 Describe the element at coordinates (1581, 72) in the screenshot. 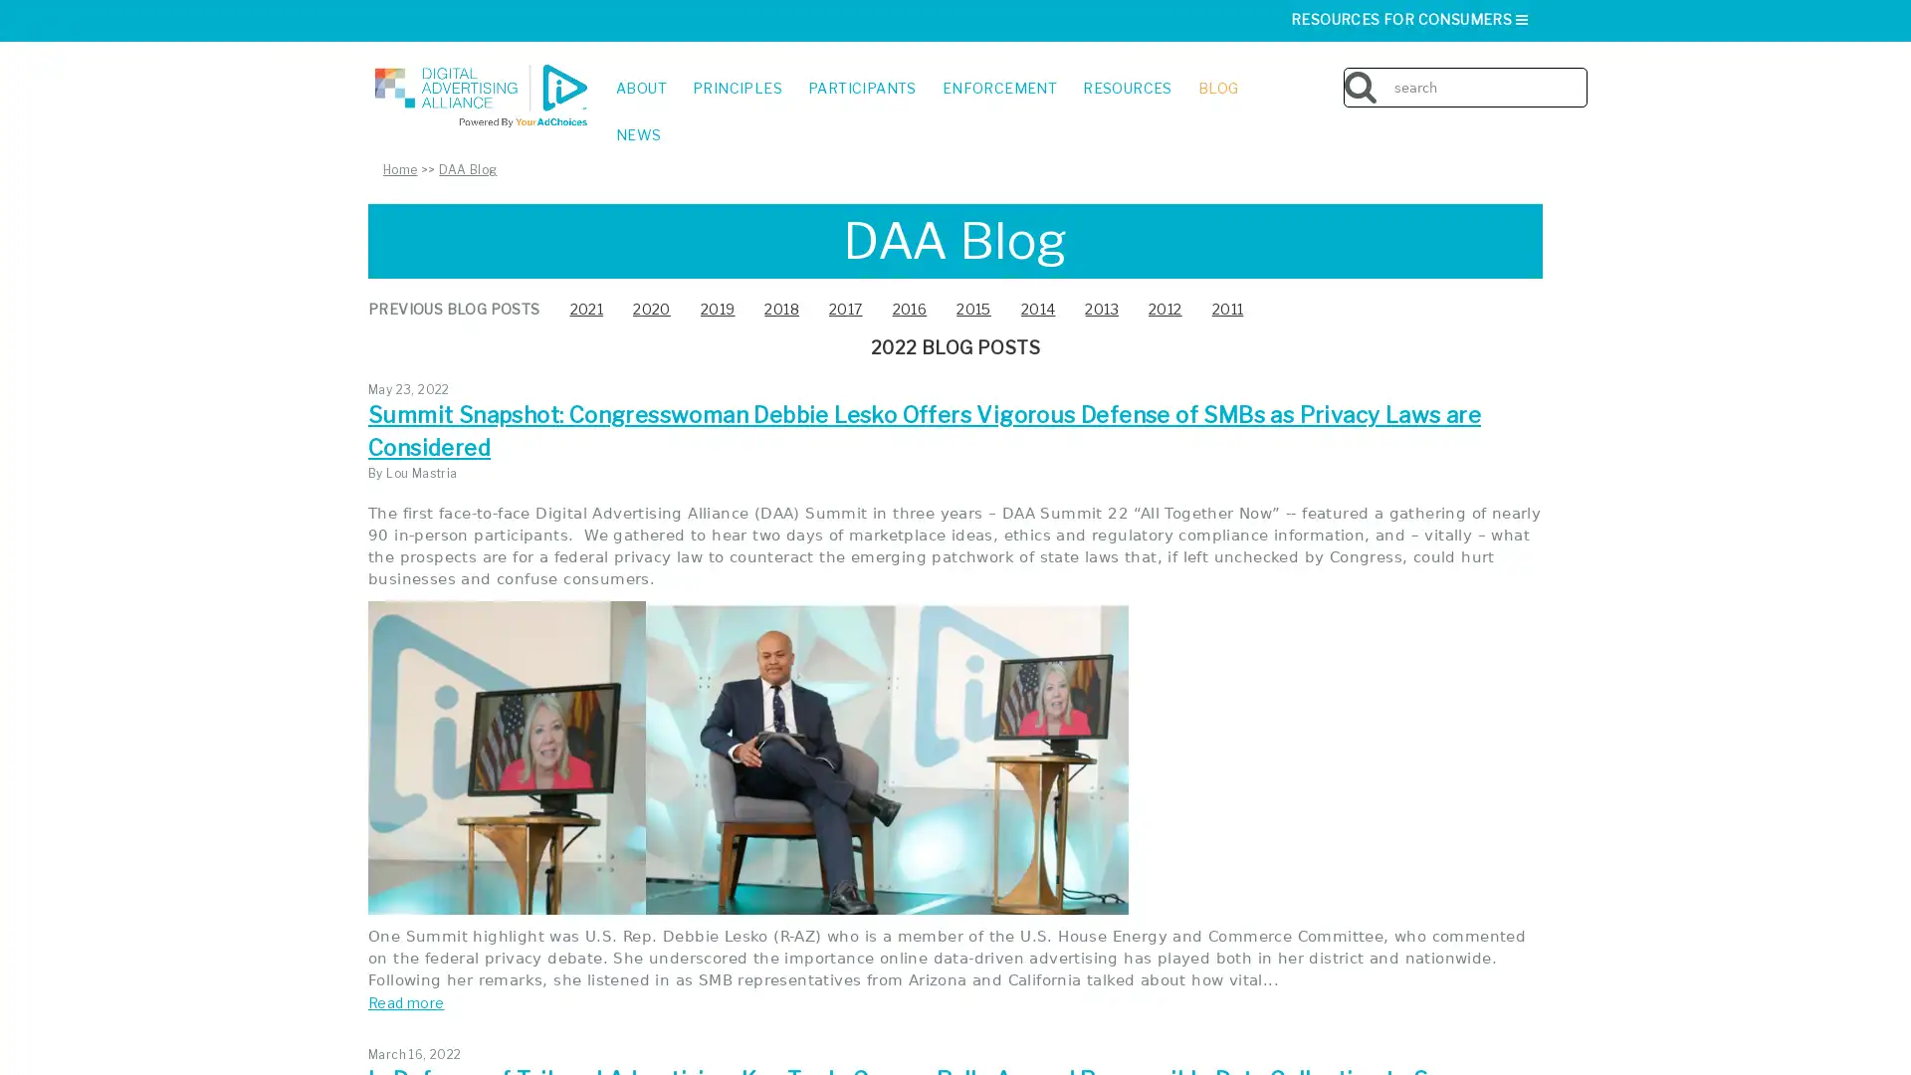

I see `Search` at that location.